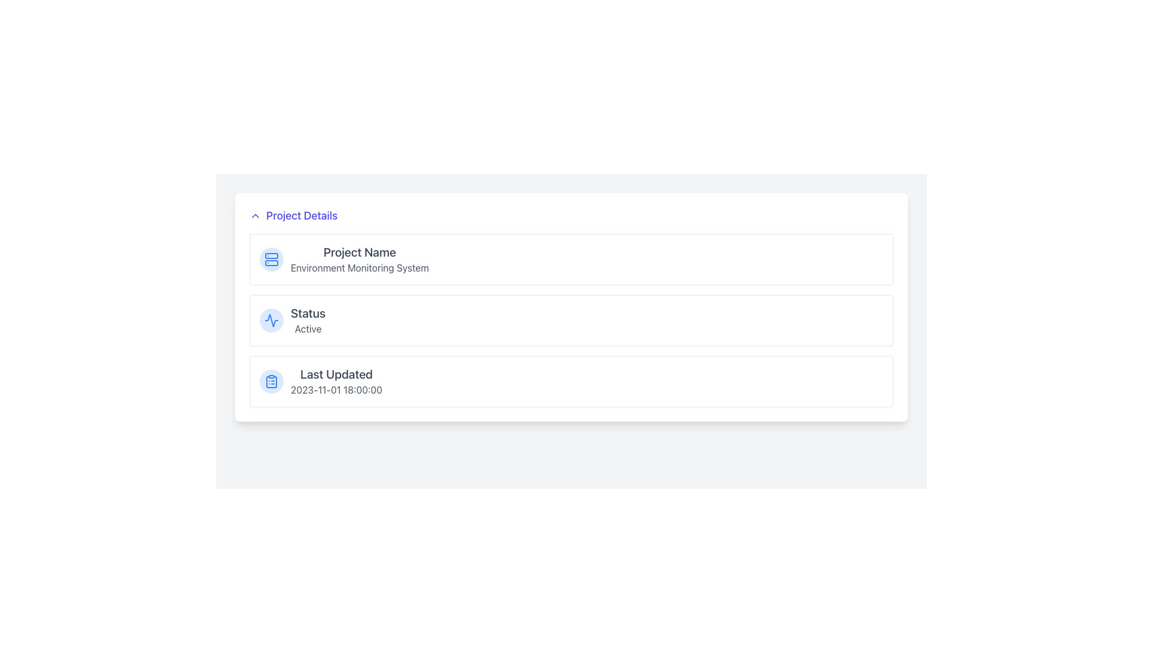 This screenshot has width=1149, height=646. What do you see at coordinates (271, 320) in the screenshot?
I see `the dynamic wave SVG icon rendered in blue, which is part of a minimalist icon set located in the middle of the layout` at bounding box center [271, 320].